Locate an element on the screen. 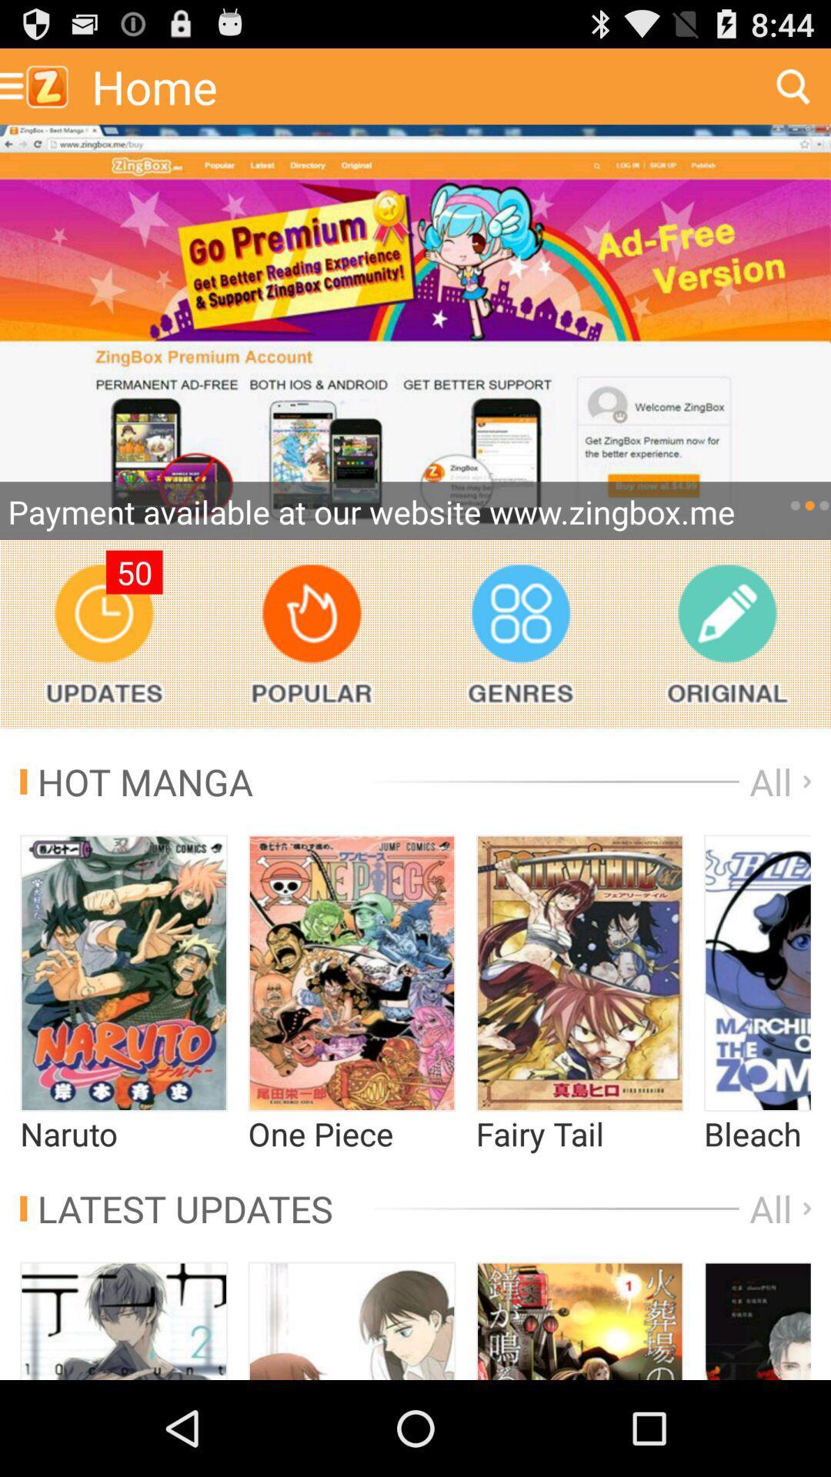 Image resolution: width=831 pixels, height=1477 pixels. see details about this one is located at coordinates (756, 1320).